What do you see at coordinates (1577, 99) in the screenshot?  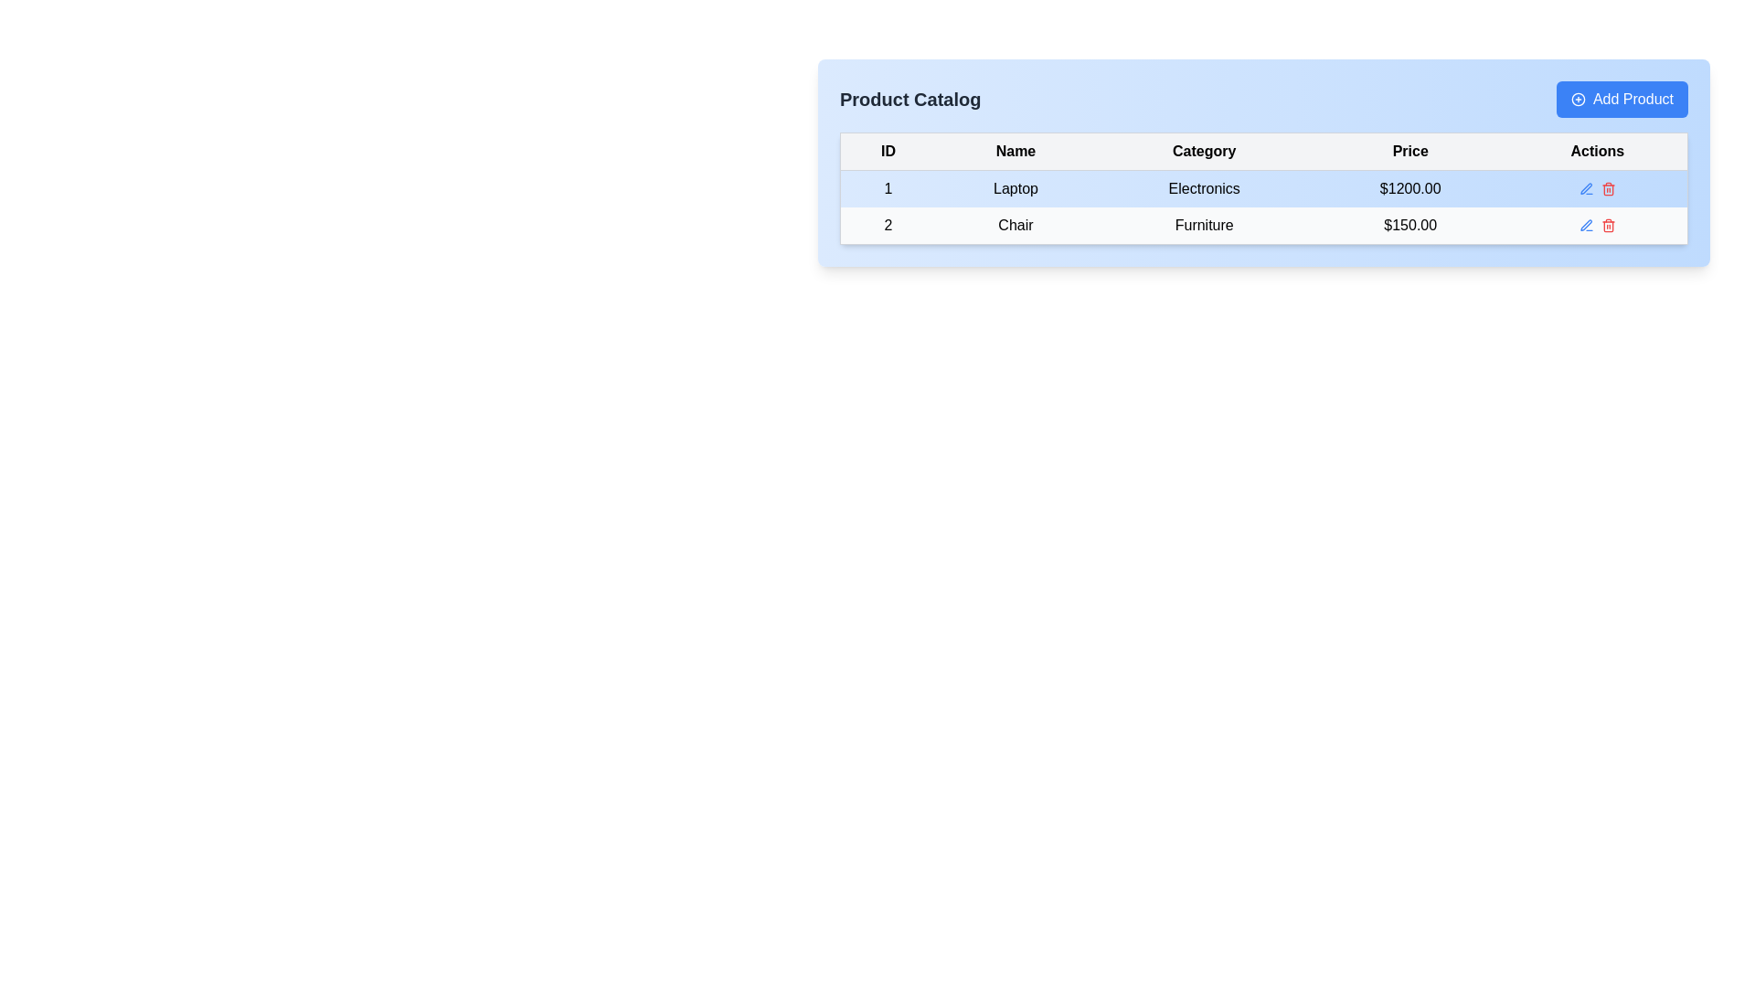 I see `the icon located to the left of the 'Add Product' text label within the button` at bounding box center [1577, 99].